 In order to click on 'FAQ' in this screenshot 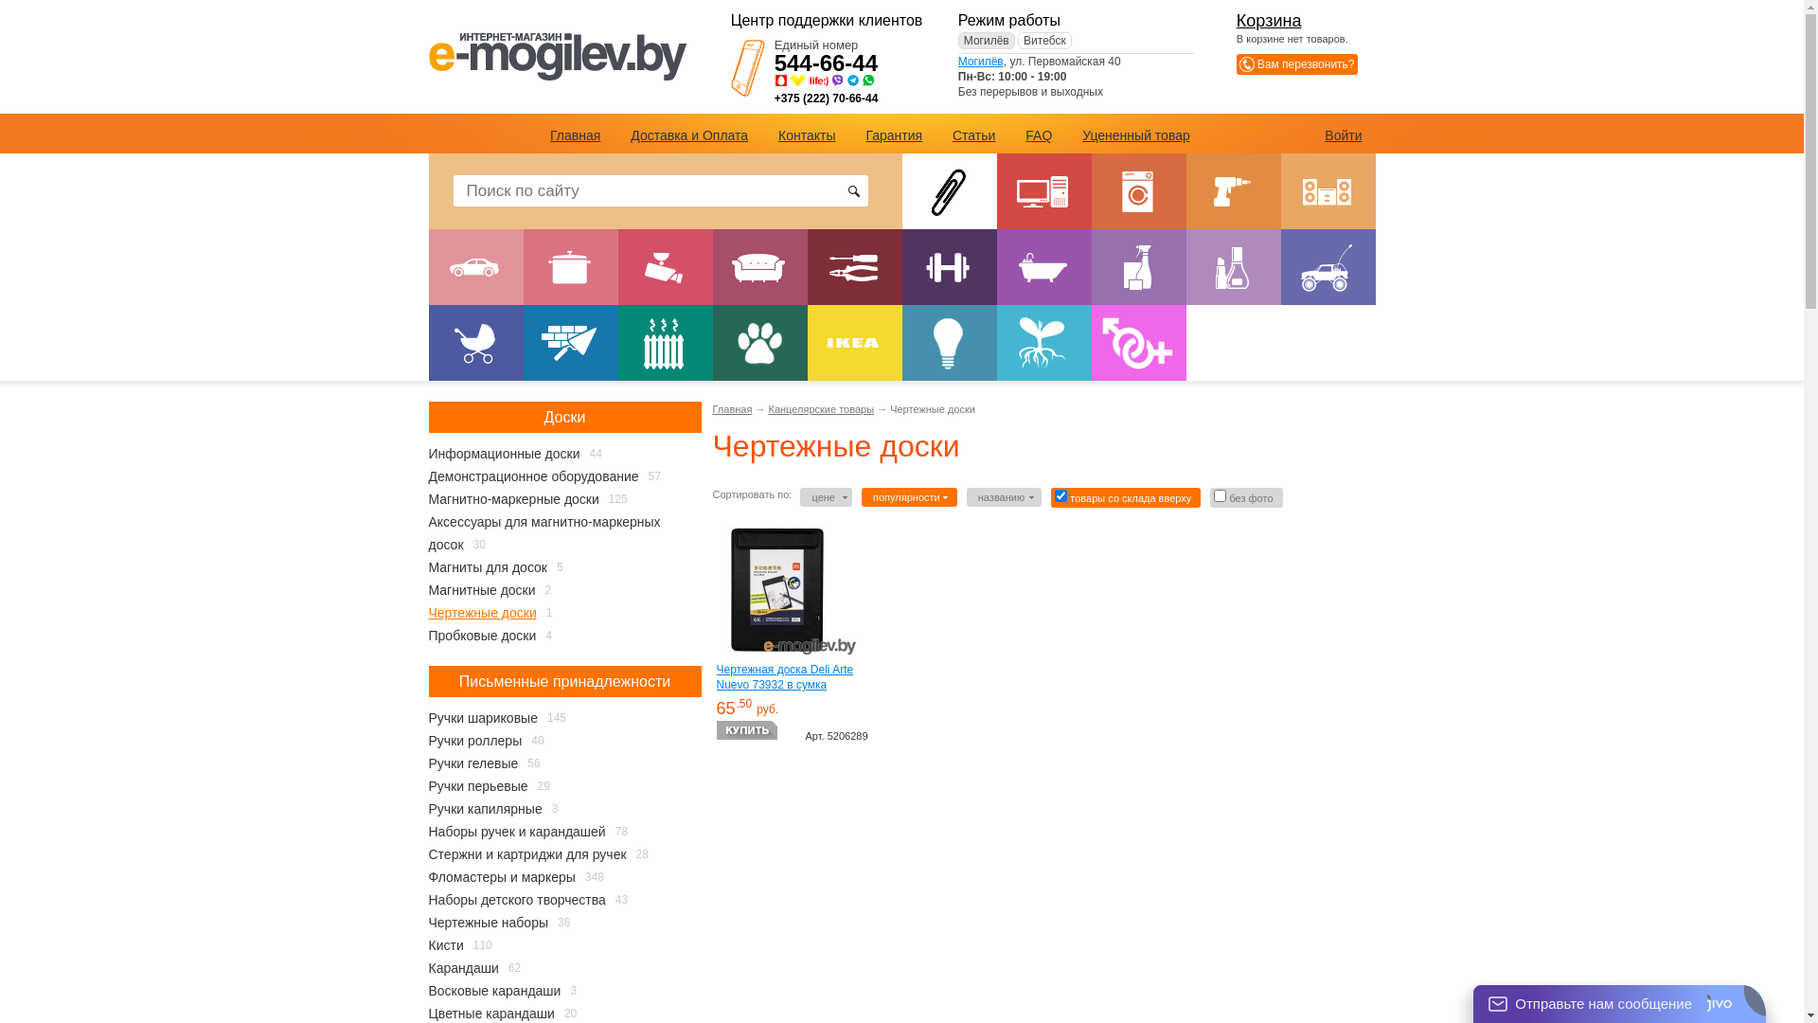, I will do `click(1038, 134)`.